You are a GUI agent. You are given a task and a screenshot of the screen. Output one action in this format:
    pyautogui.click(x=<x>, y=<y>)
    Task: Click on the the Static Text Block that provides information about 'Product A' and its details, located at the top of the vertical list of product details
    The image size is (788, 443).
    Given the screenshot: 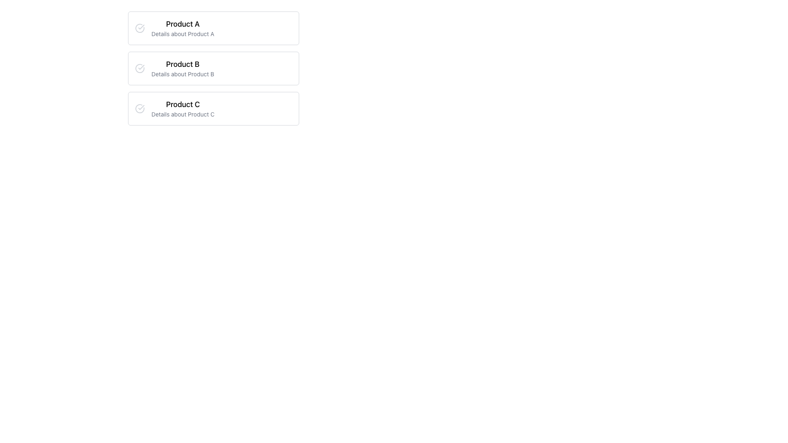 What is the action you would take?
    pyautogui.click(x=182, y=28)
    